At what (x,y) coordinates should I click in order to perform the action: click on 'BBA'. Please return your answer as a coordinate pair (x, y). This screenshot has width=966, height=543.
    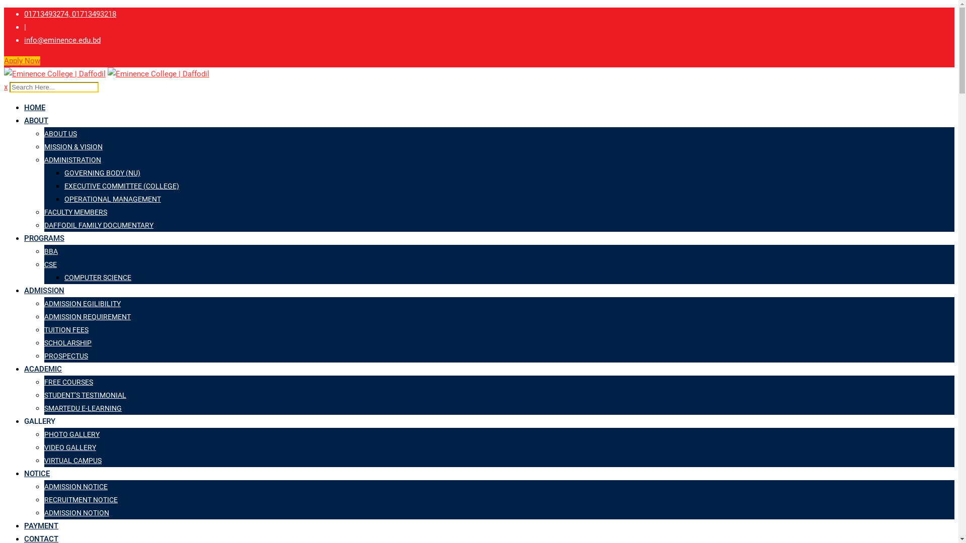
    Looking at the image, I should click on (50, 251).